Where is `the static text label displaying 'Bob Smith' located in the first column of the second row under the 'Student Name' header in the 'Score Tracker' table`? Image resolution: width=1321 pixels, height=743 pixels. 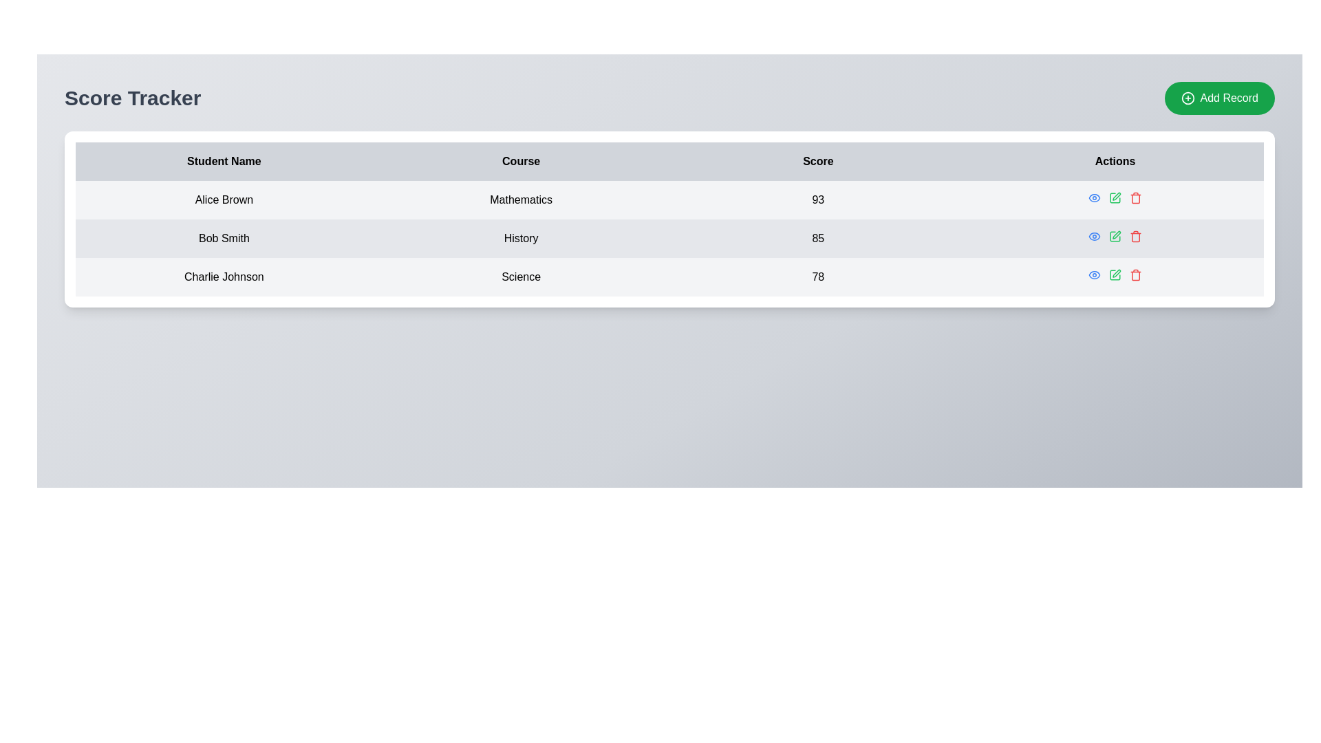
the static text label displaying 'Bob Smith' located in the first column of the second row under the 'Student Name' header in the 'Score Tracker' table is located at coordinates (224, 238).